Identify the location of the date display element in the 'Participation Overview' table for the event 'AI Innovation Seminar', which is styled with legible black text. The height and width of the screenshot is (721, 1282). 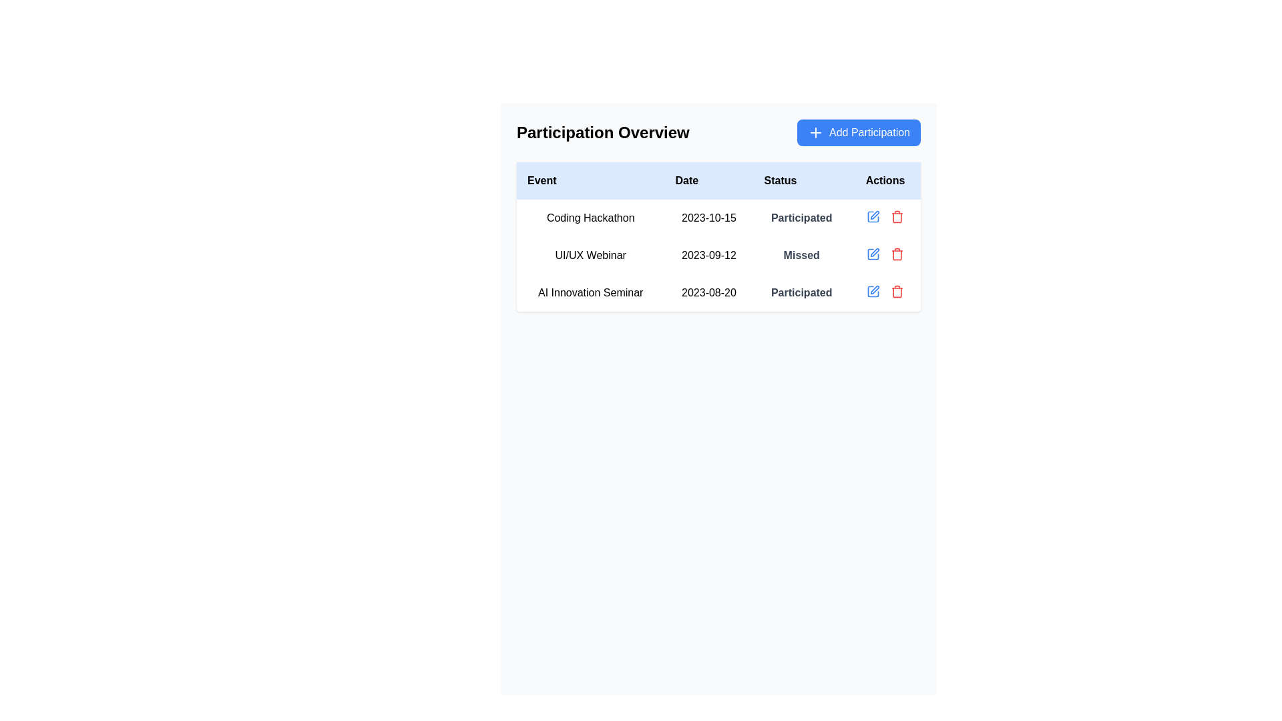
(708, 292).